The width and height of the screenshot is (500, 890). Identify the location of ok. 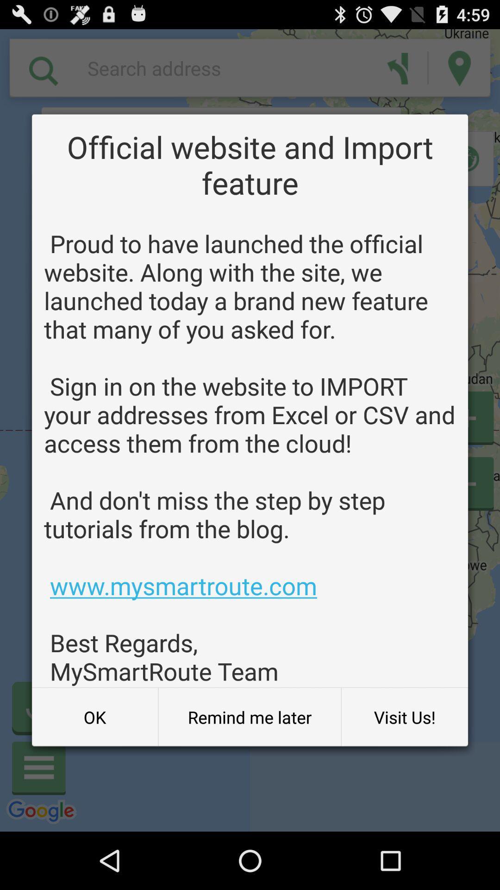
(95, 717).